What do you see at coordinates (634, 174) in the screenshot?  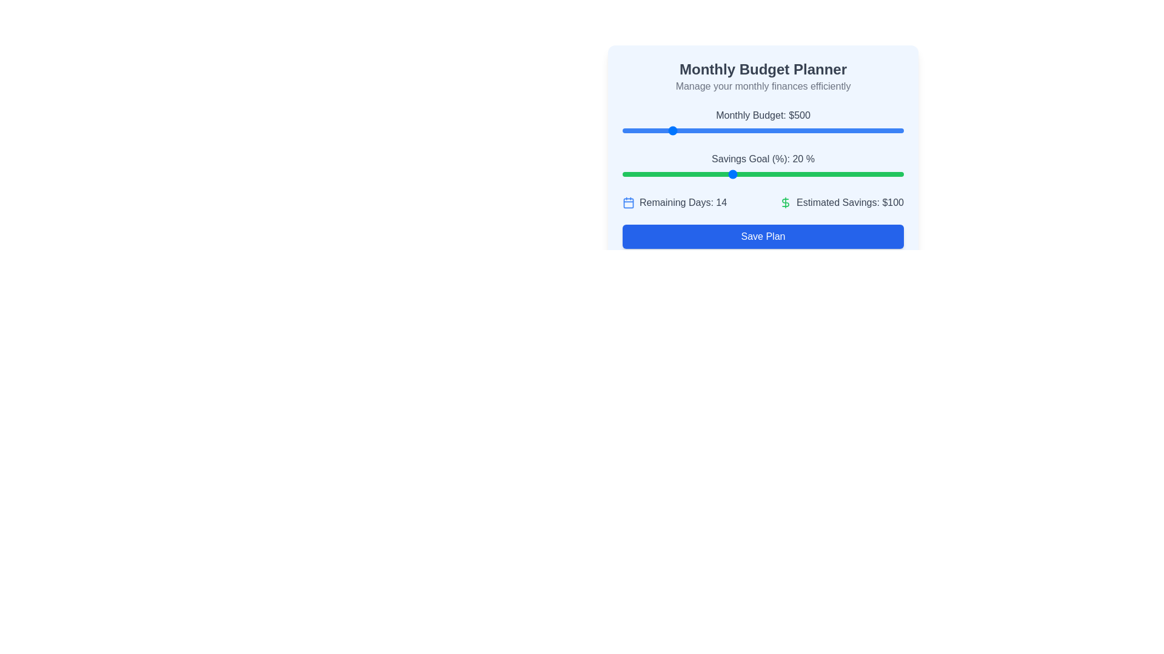 I see `the Savings Goal (%)` at bounding box center [634, 174].